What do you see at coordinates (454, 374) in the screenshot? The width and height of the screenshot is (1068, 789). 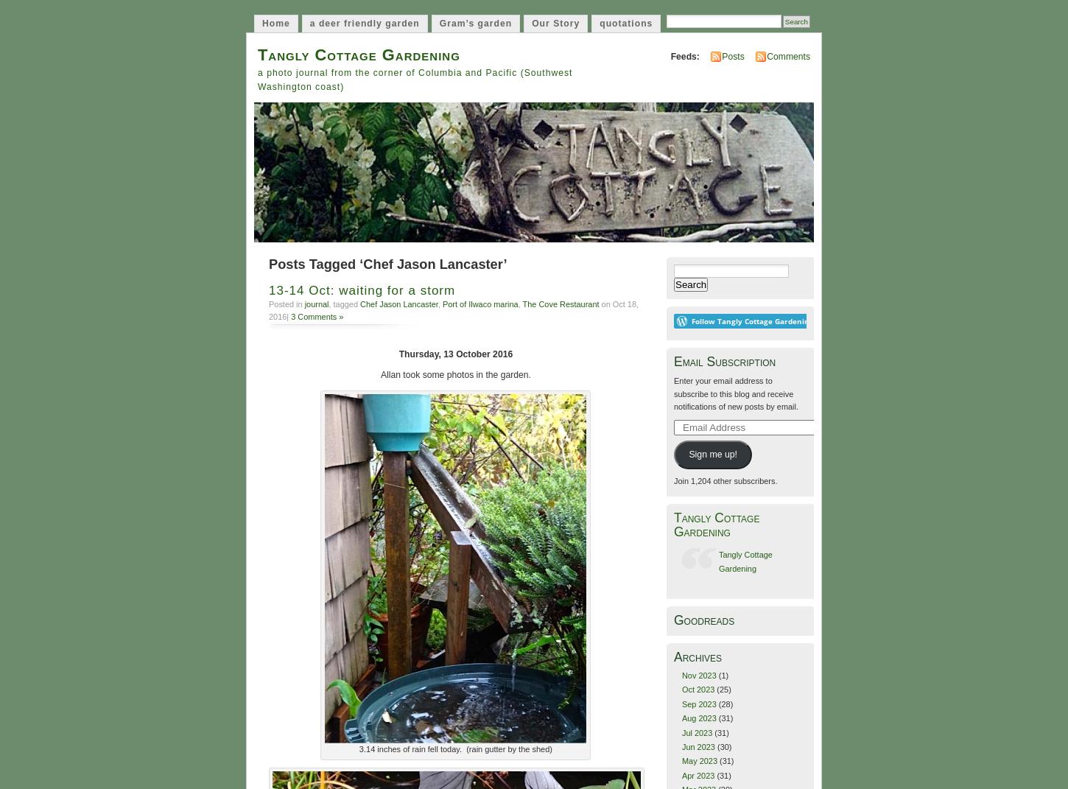 I see `'Allan took some photos in the garden.'` at bounding box center [454, 374].